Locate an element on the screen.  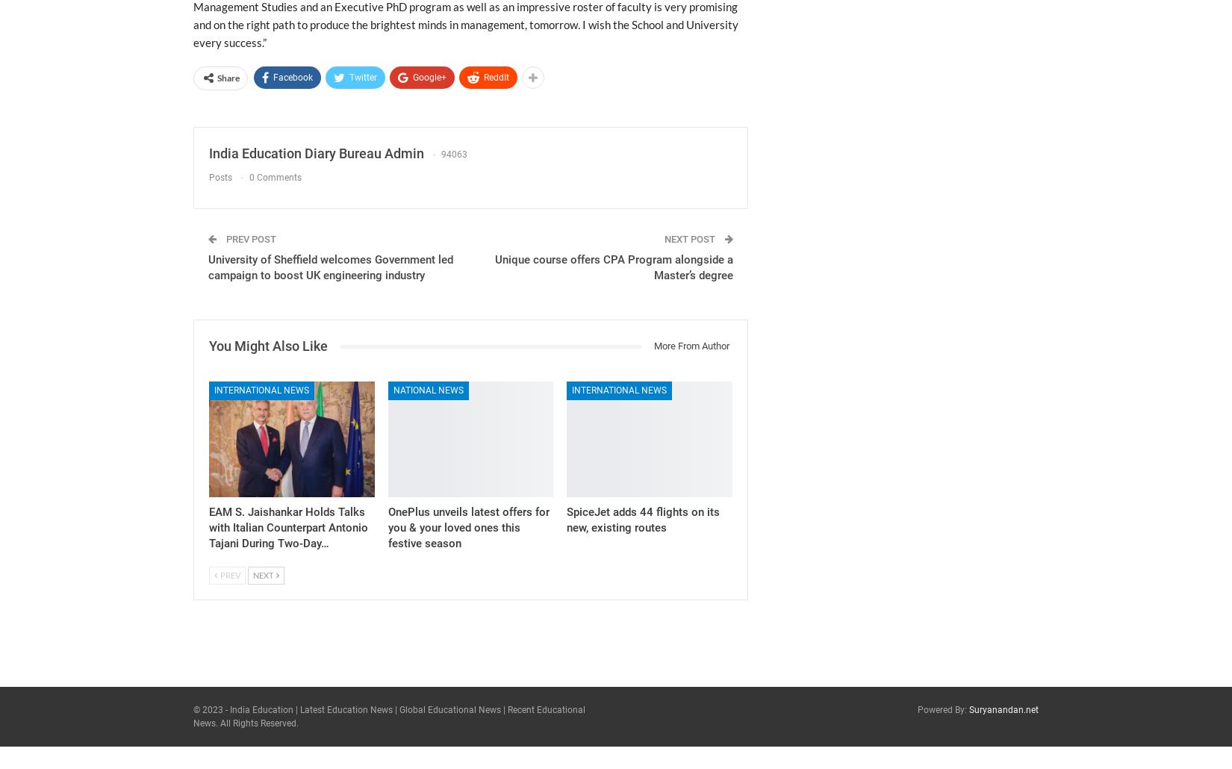
'© 2023 - India Education | Latest Education News  | Global Educational News | Recent Educational News. All Rights Reserved.' is located at coordinates (388, 715).